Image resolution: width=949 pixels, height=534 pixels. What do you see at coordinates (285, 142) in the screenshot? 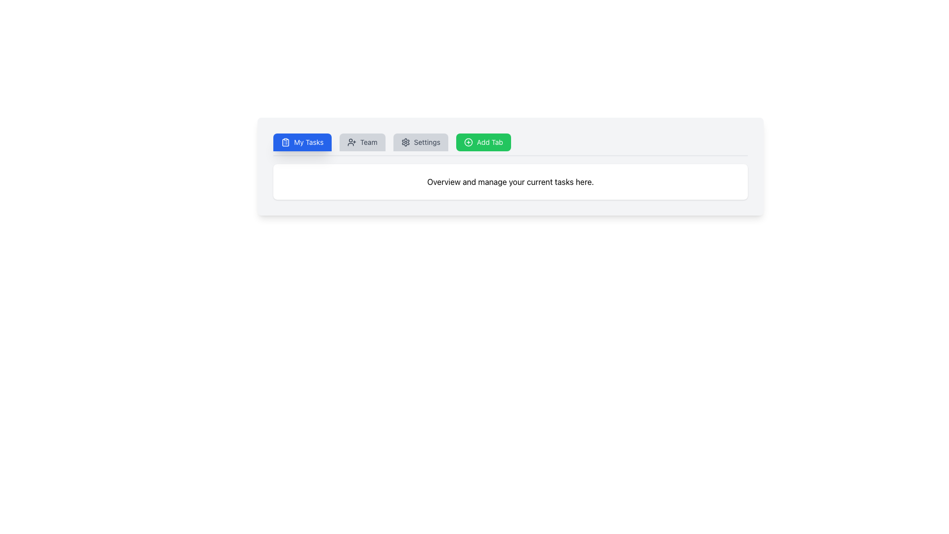
I see `the clipboard icon located within the blue button labeled 'My Tasks' in the top toolbar` at bounding box center [285, 142].